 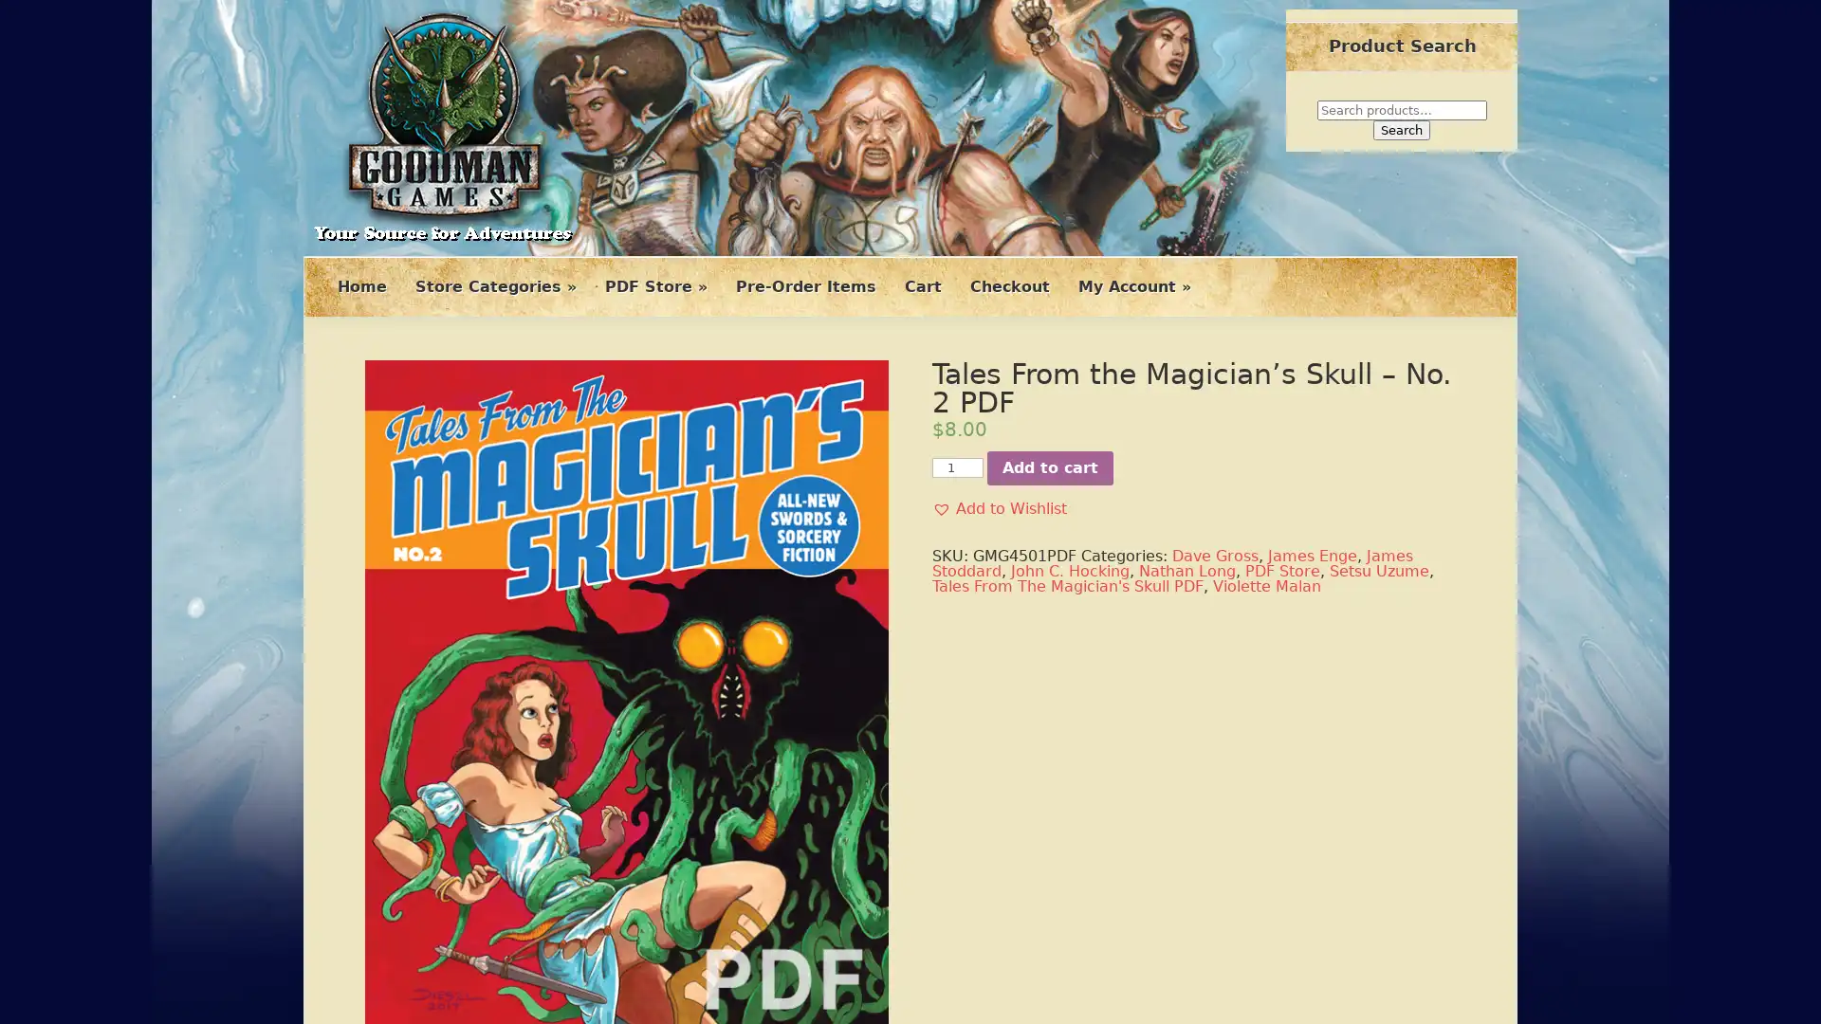 I want to click on Search, so click(x=1402, y=129).